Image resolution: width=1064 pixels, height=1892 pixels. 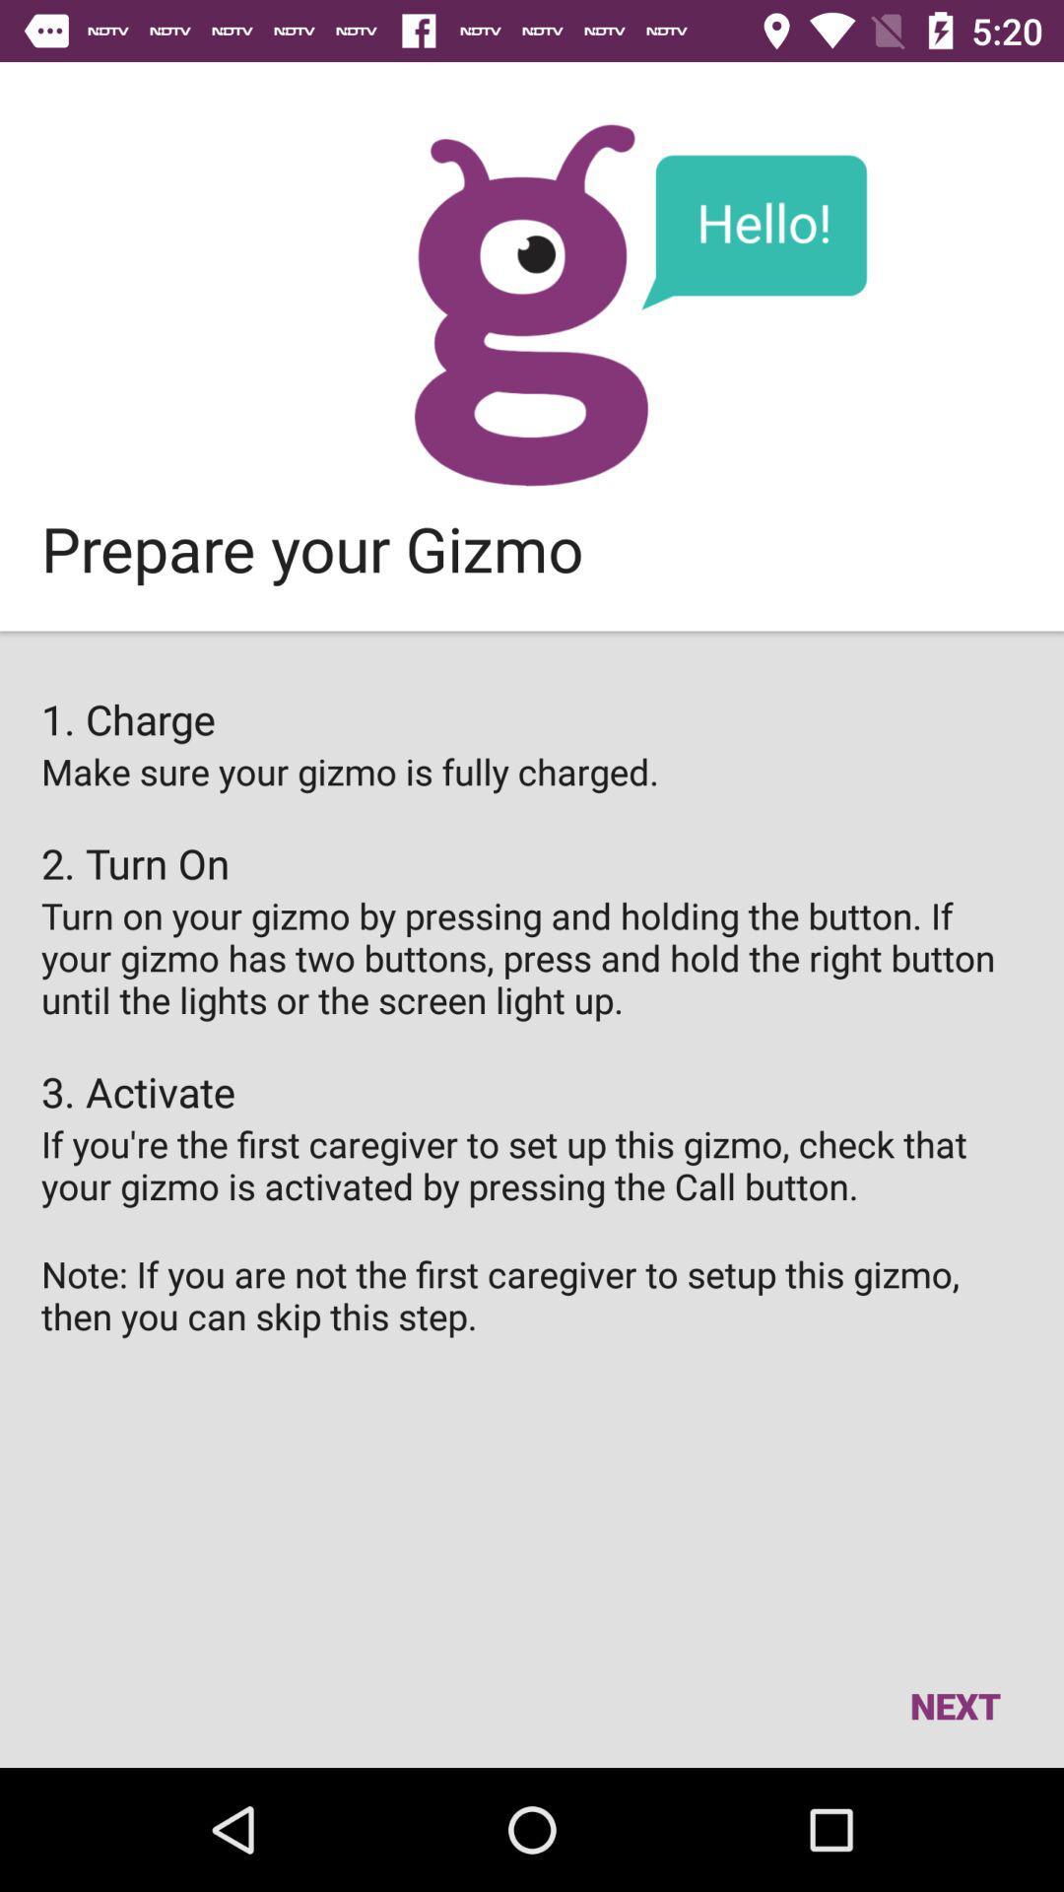 I want to click on item below the note if you item, so click(x=954, y=1705).